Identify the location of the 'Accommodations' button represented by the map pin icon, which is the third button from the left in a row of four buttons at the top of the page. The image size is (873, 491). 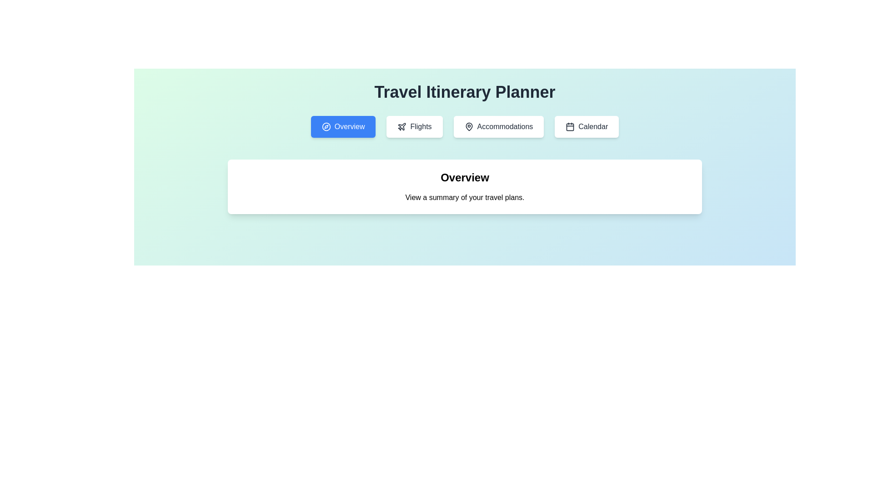
(469, 126).